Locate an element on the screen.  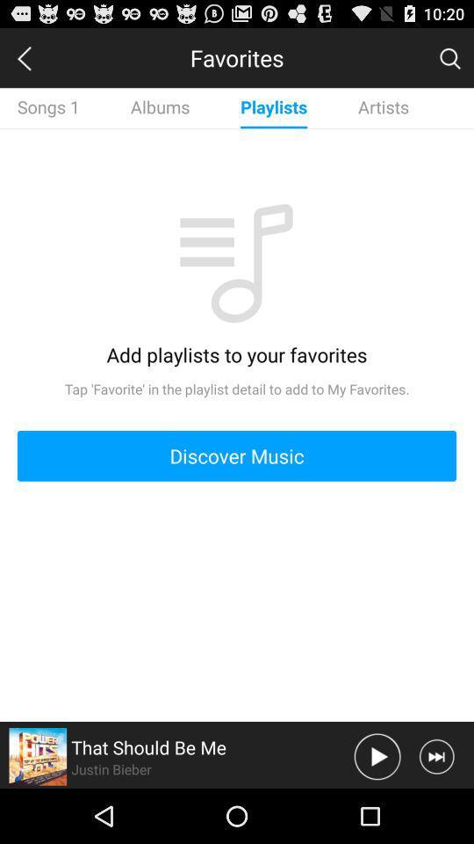
the play icon is located at coordinates (377, 810).